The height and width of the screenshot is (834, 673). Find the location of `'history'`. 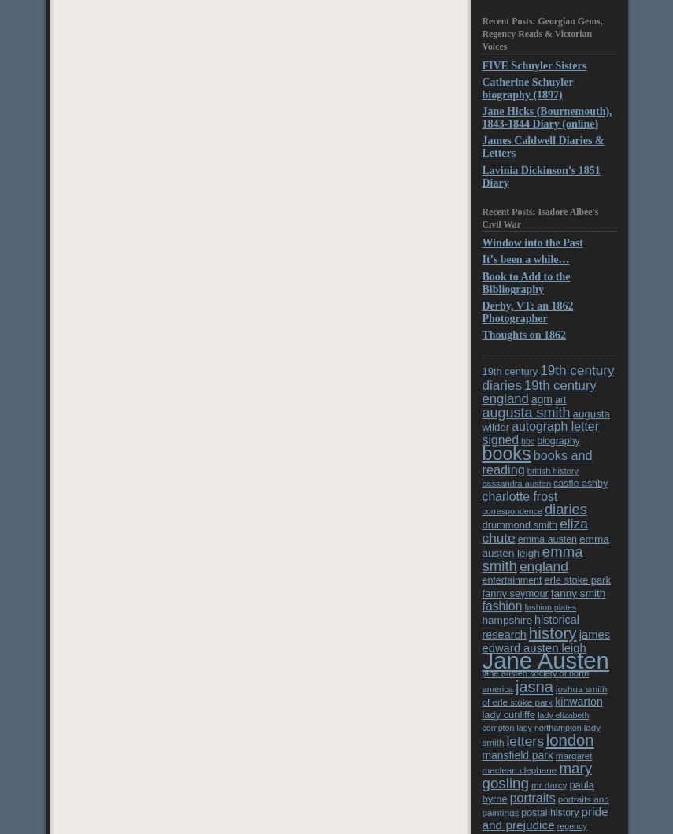

'history' is located at coordinates (551, 632).